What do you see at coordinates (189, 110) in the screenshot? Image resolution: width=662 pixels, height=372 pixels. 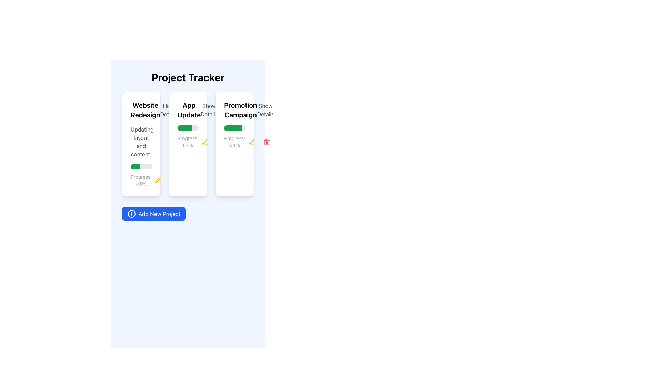 I see `text 'App Update' which is the title of the second project card in a row of three cards` at bounding box center [189, 110].